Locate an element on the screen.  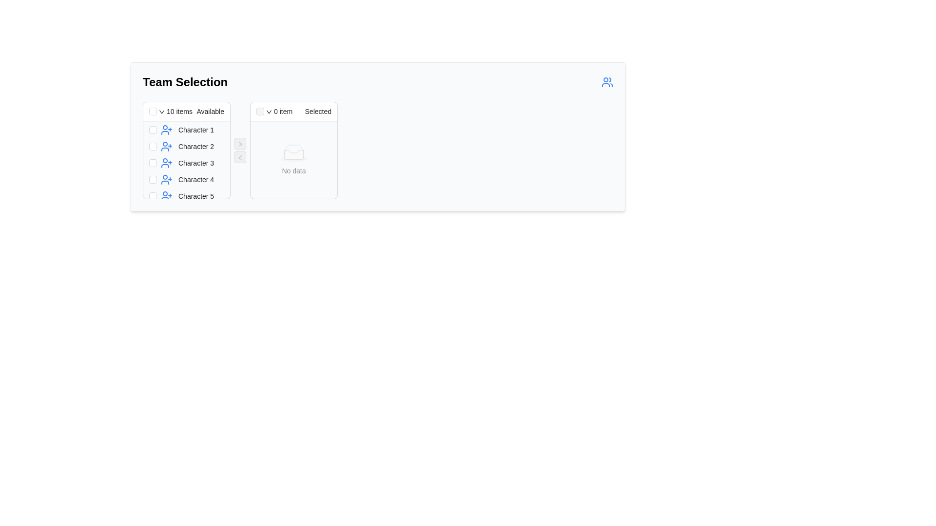
the checkbox element associated with 'Character 4' in the 'Team Selection' section is located at coordinates (152, 180).